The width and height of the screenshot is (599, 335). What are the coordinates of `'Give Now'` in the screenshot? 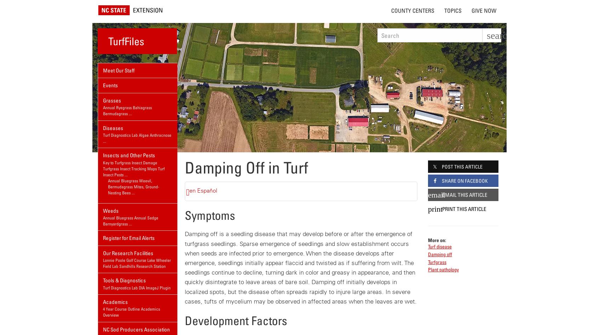 It's located at (484, 10).